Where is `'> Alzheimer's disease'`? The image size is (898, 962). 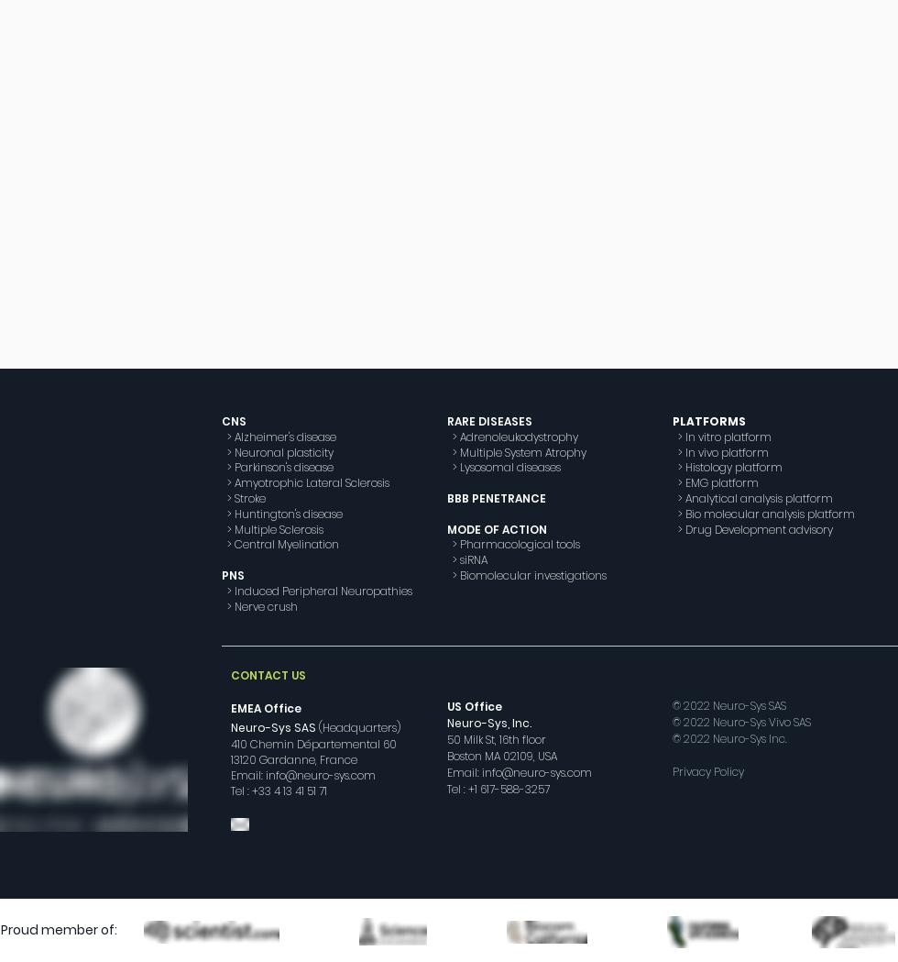 '> Alzheimer's disease' is located at coordinates (279, 436).